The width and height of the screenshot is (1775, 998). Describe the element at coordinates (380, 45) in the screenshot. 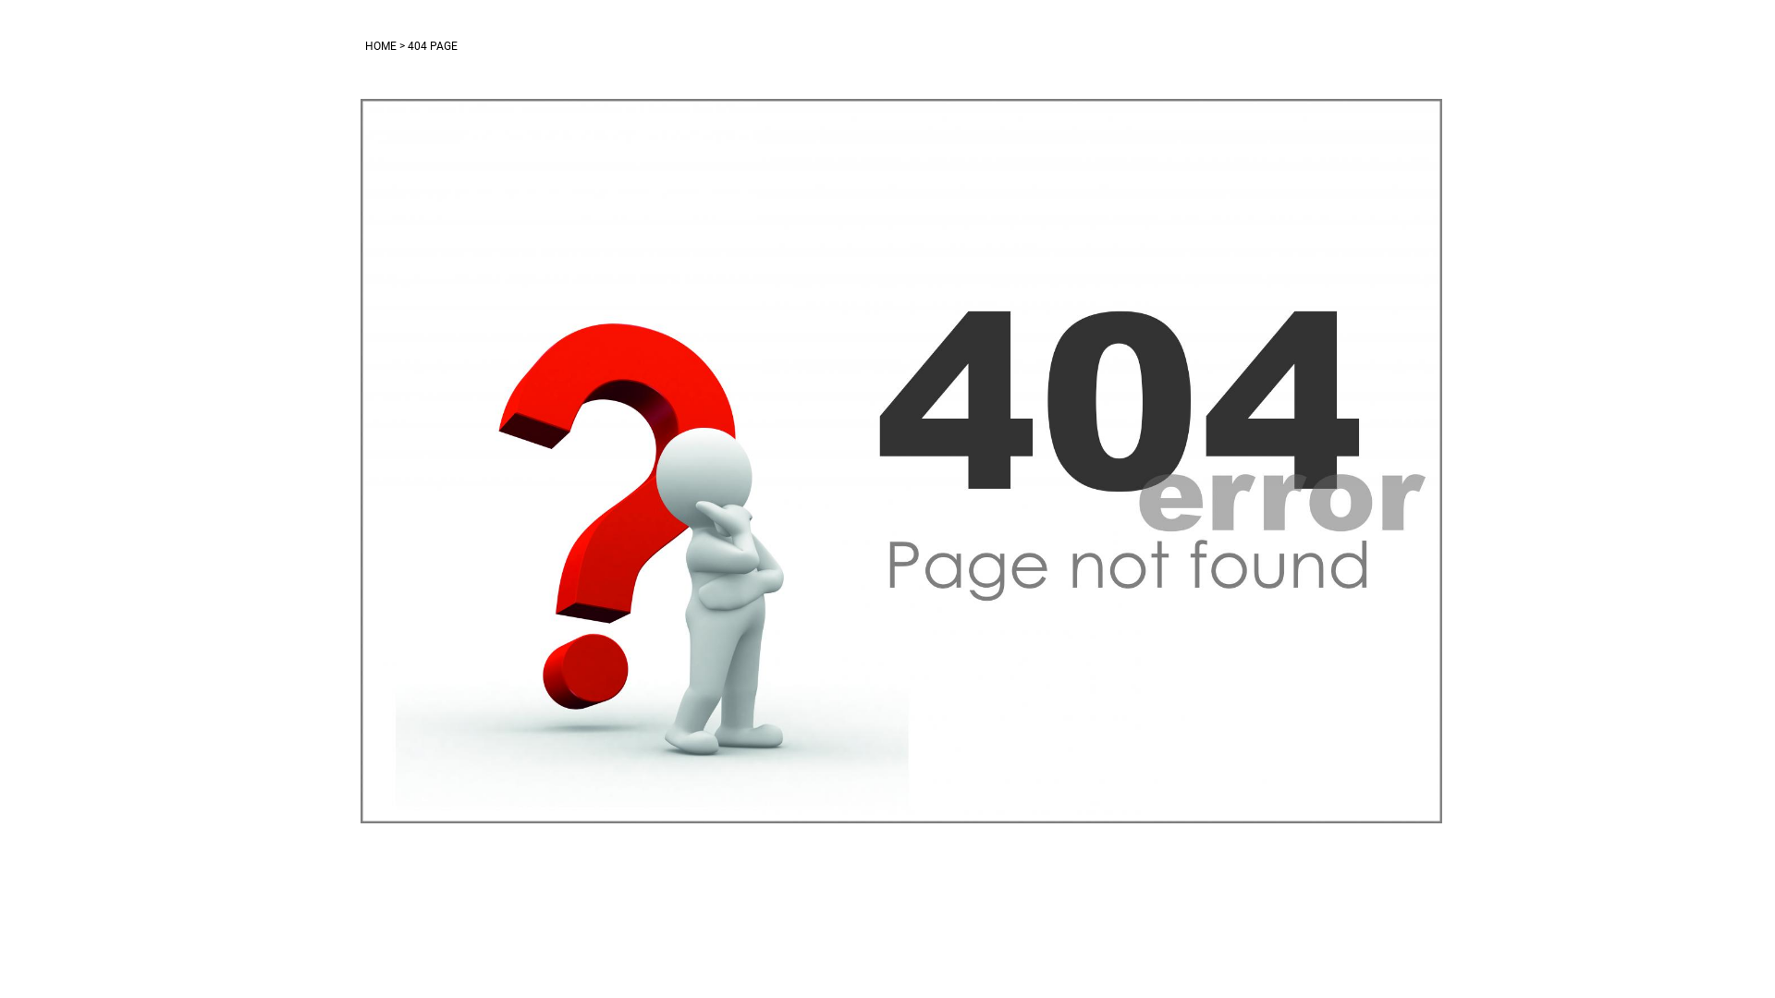

I see `'HOME'` at that location.